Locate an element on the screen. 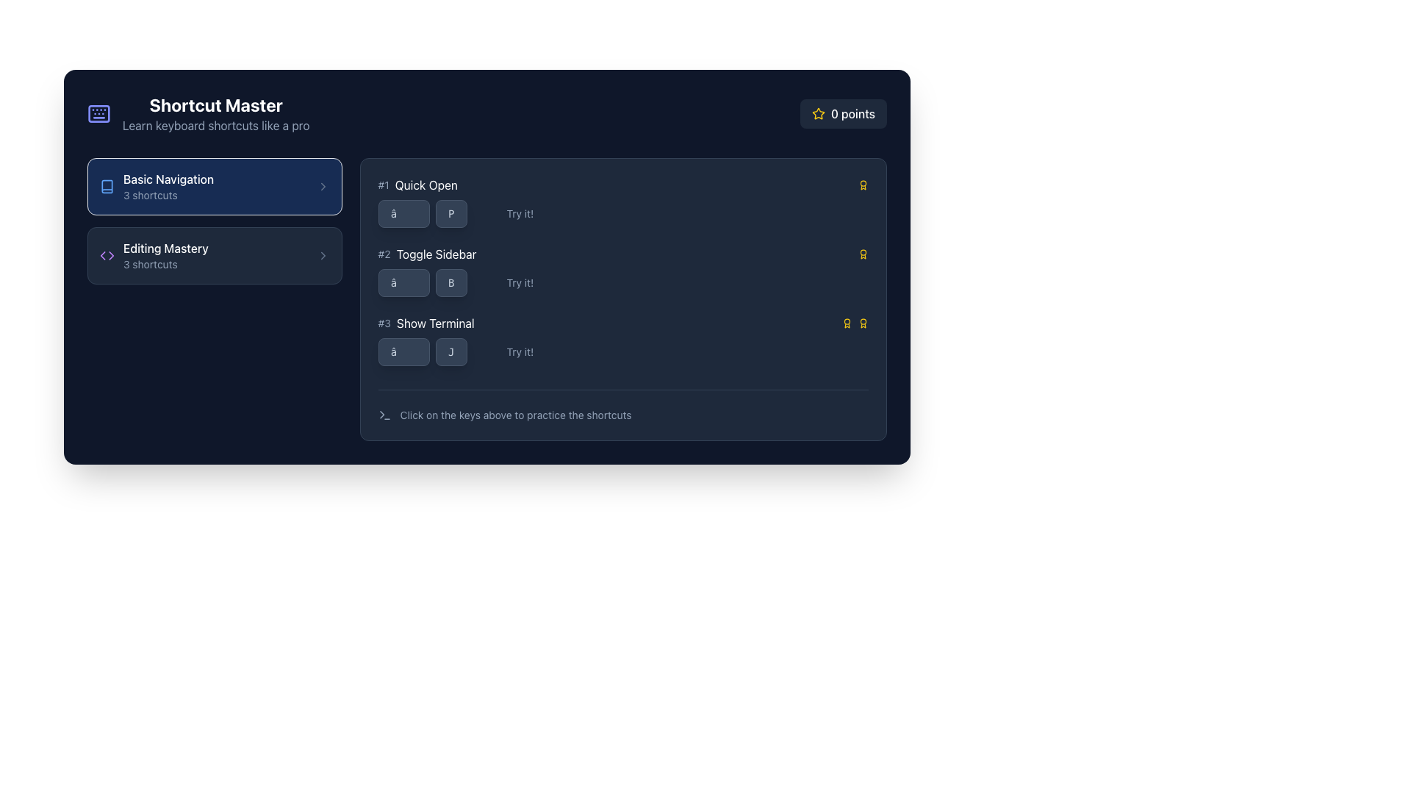 The image size is (1411, 794). the text label displaying 'Try it!' located to the right of the button labeled 'J' in the 'Show Terminal' option group is located at coordinates (510, 351).